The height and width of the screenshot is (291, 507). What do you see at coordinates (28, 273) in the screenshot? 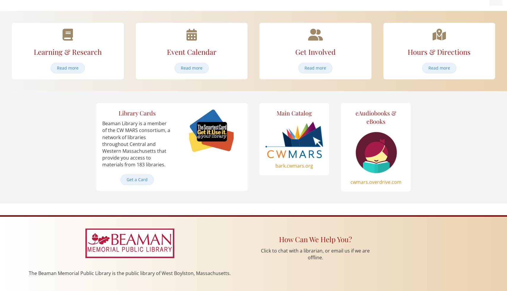
I see `'The Beaman Memorial Public Library is the public library of West Boylston, Massachusetts.'` at bounding box center [28, 273].